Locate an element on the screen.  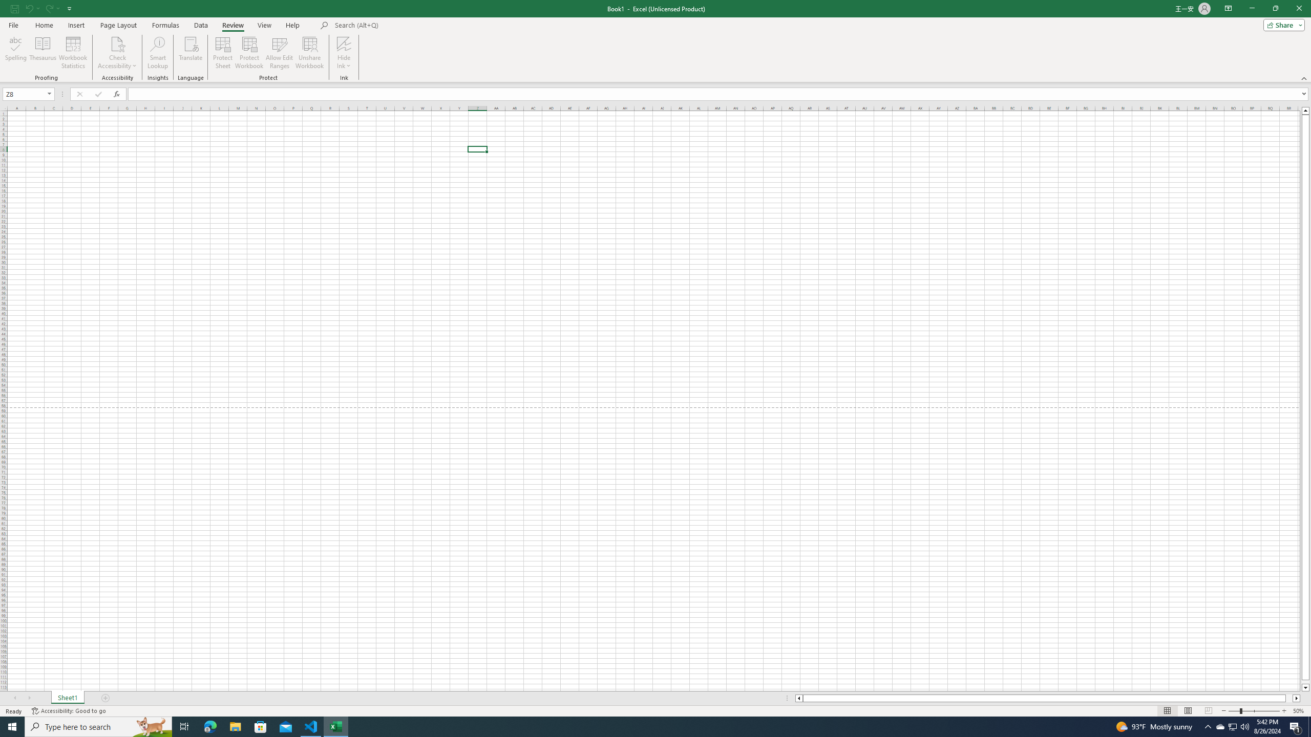
'Thesaurus...' is located at coordinates (42, 53).